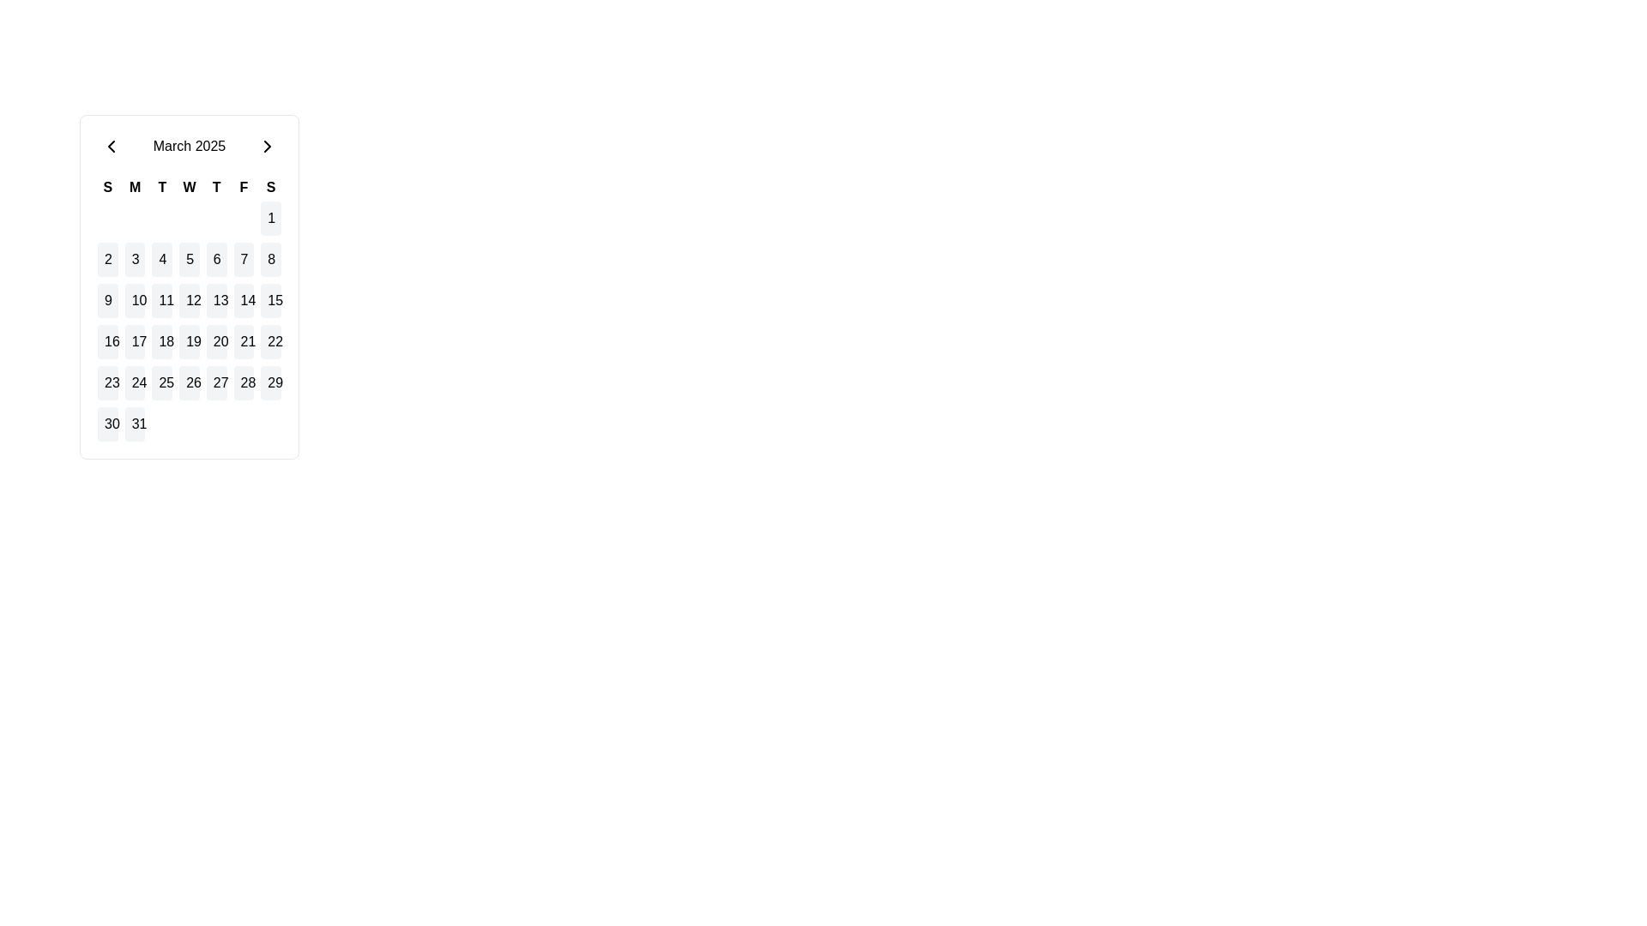  I want to click on the white rounded rectangle button displaying the number '9' in the second week of the month, corresponding to the Sunday column, so click(106, 300).